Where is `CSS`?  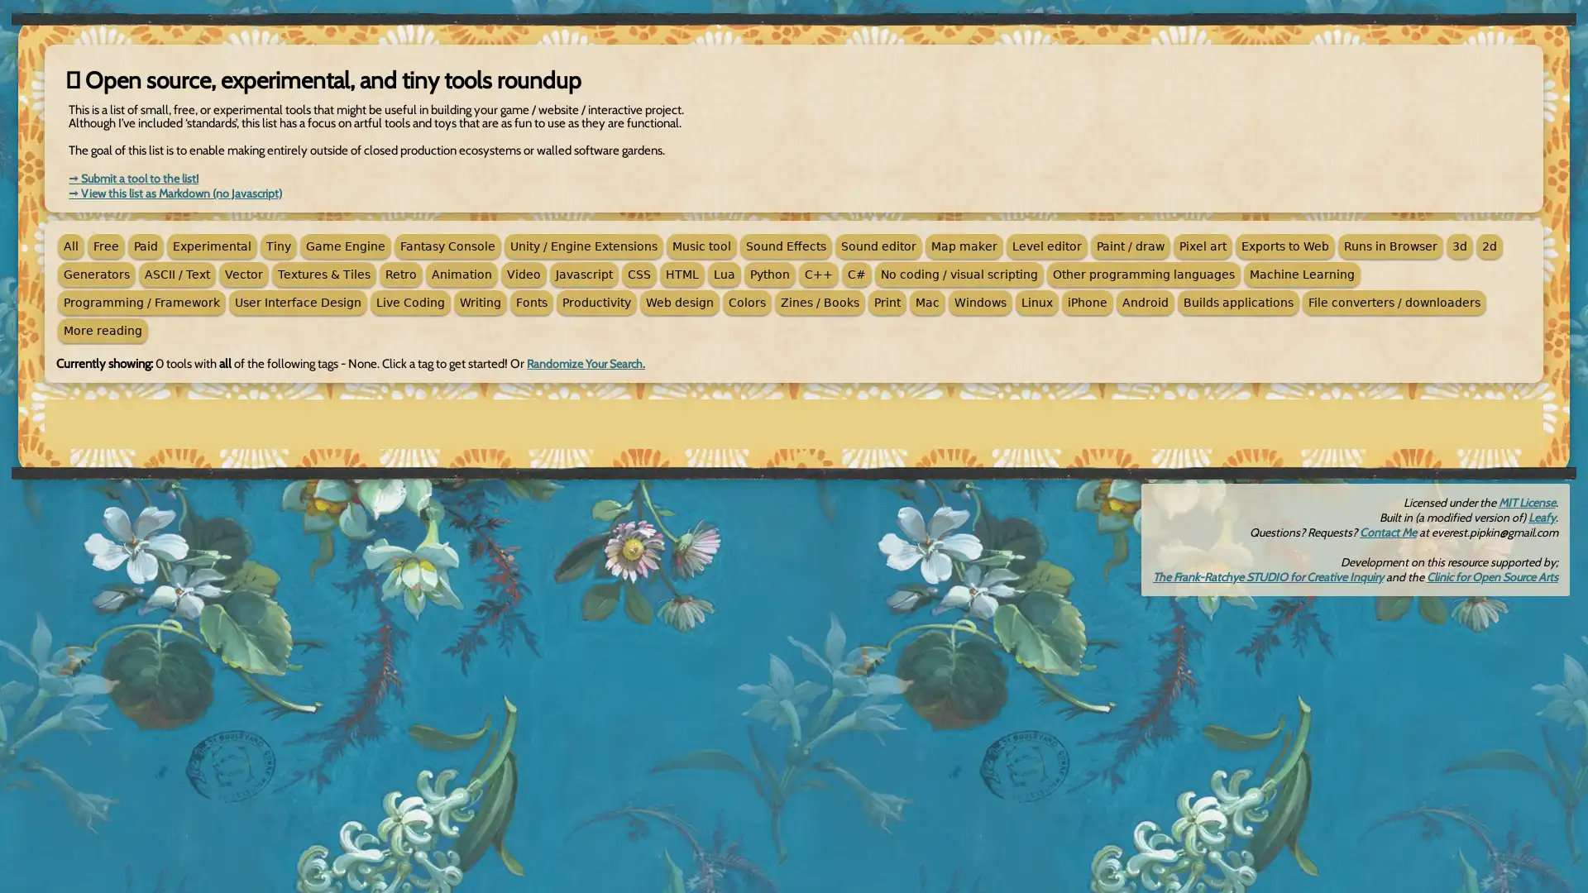
CSS is located at coordinates (638, 273).